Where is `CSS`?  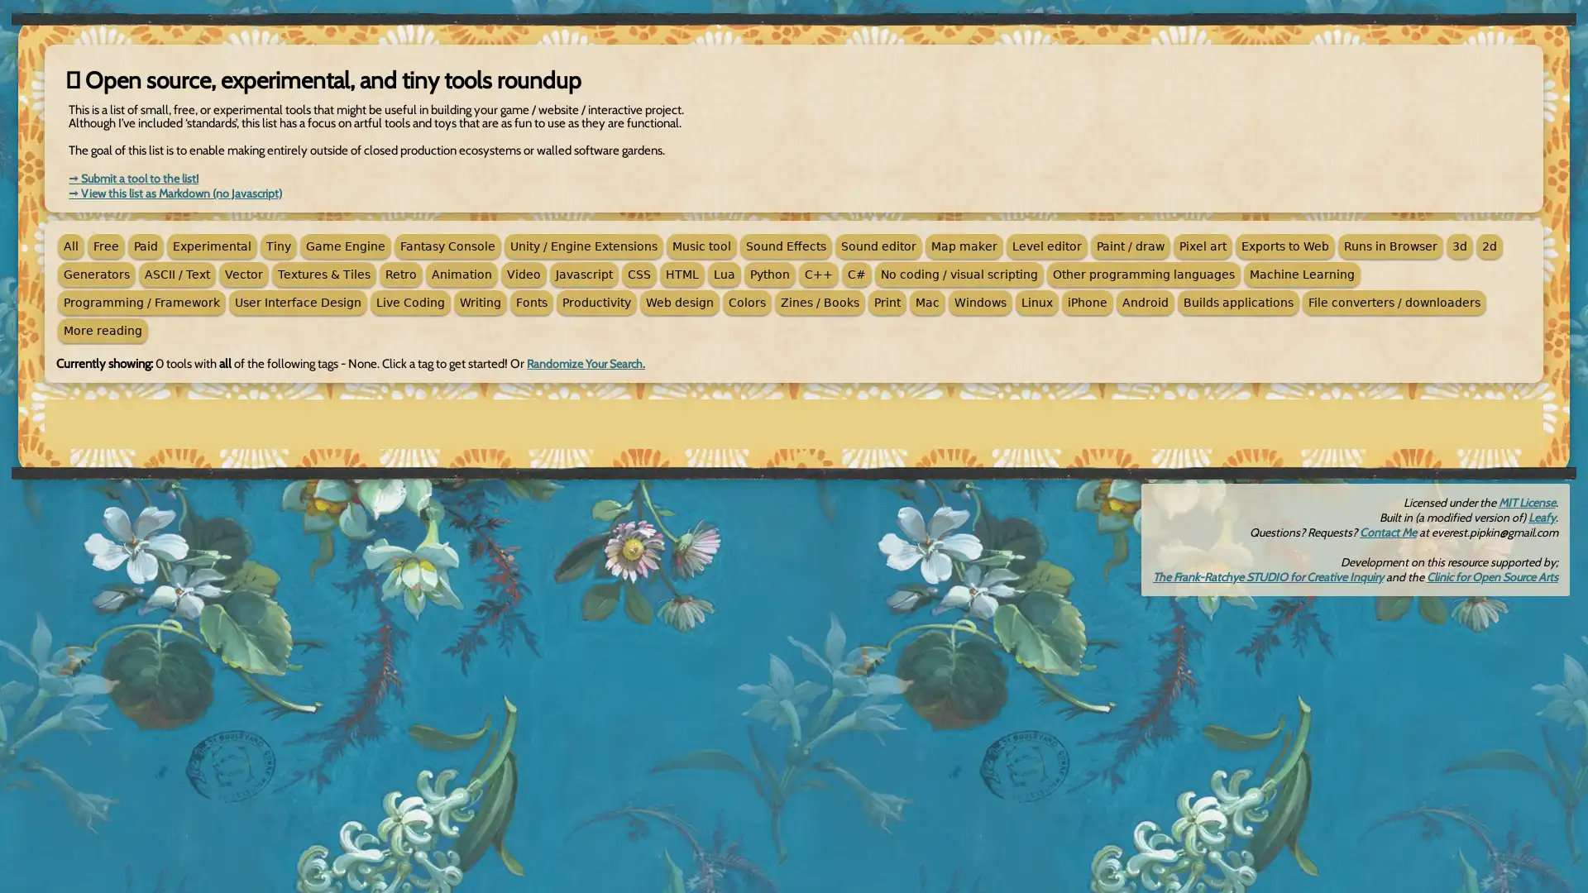
CSS is located at coordinates (638, 273).